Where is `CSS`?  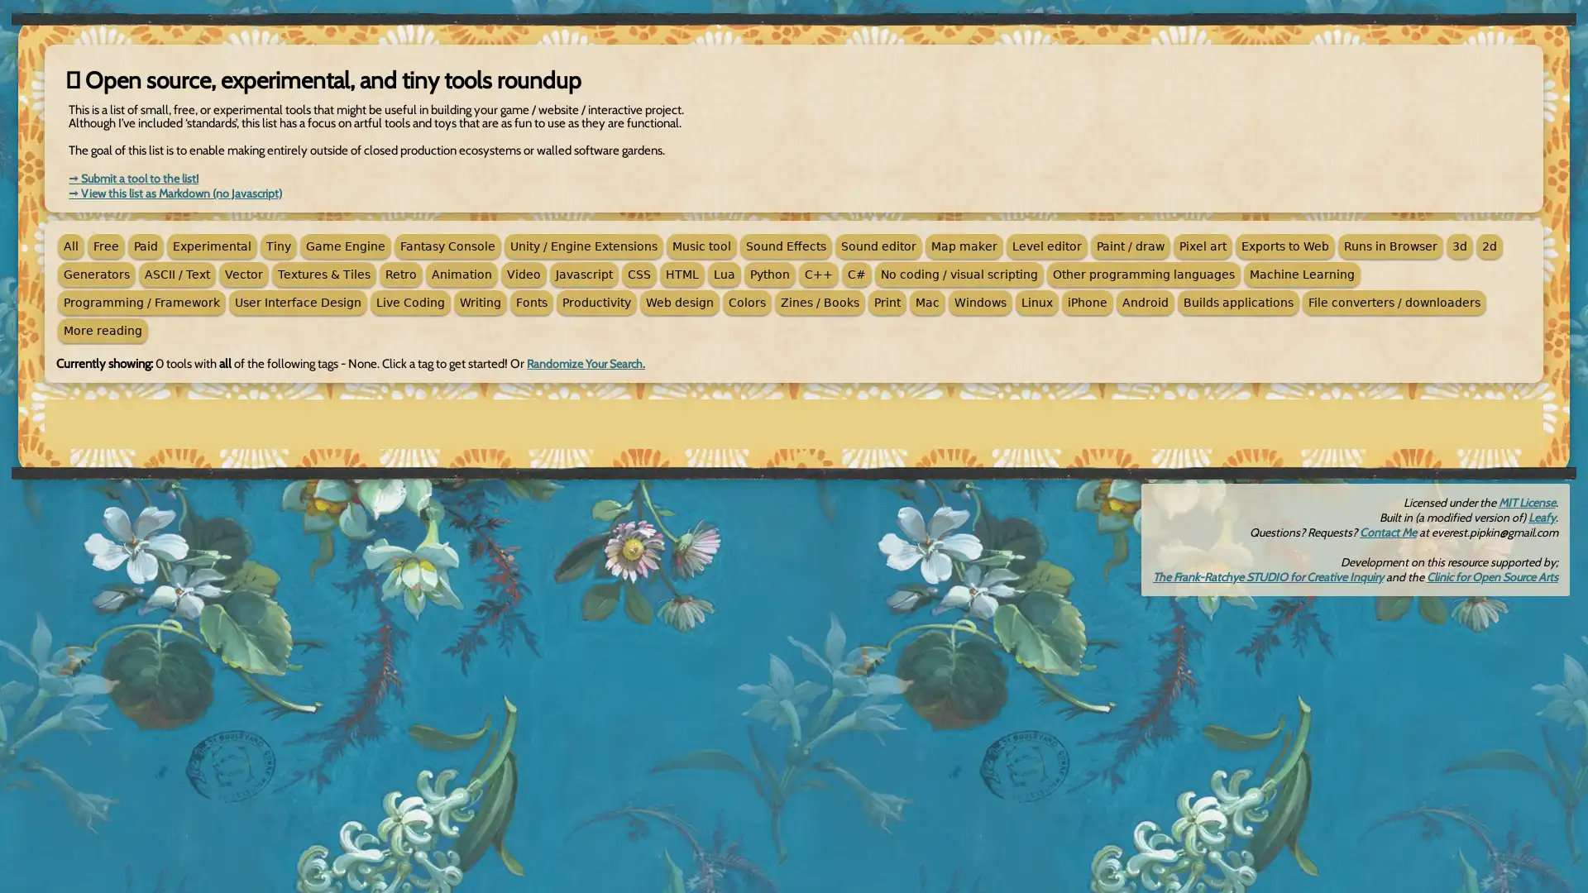
CSS is located at coordinates (638, 273).